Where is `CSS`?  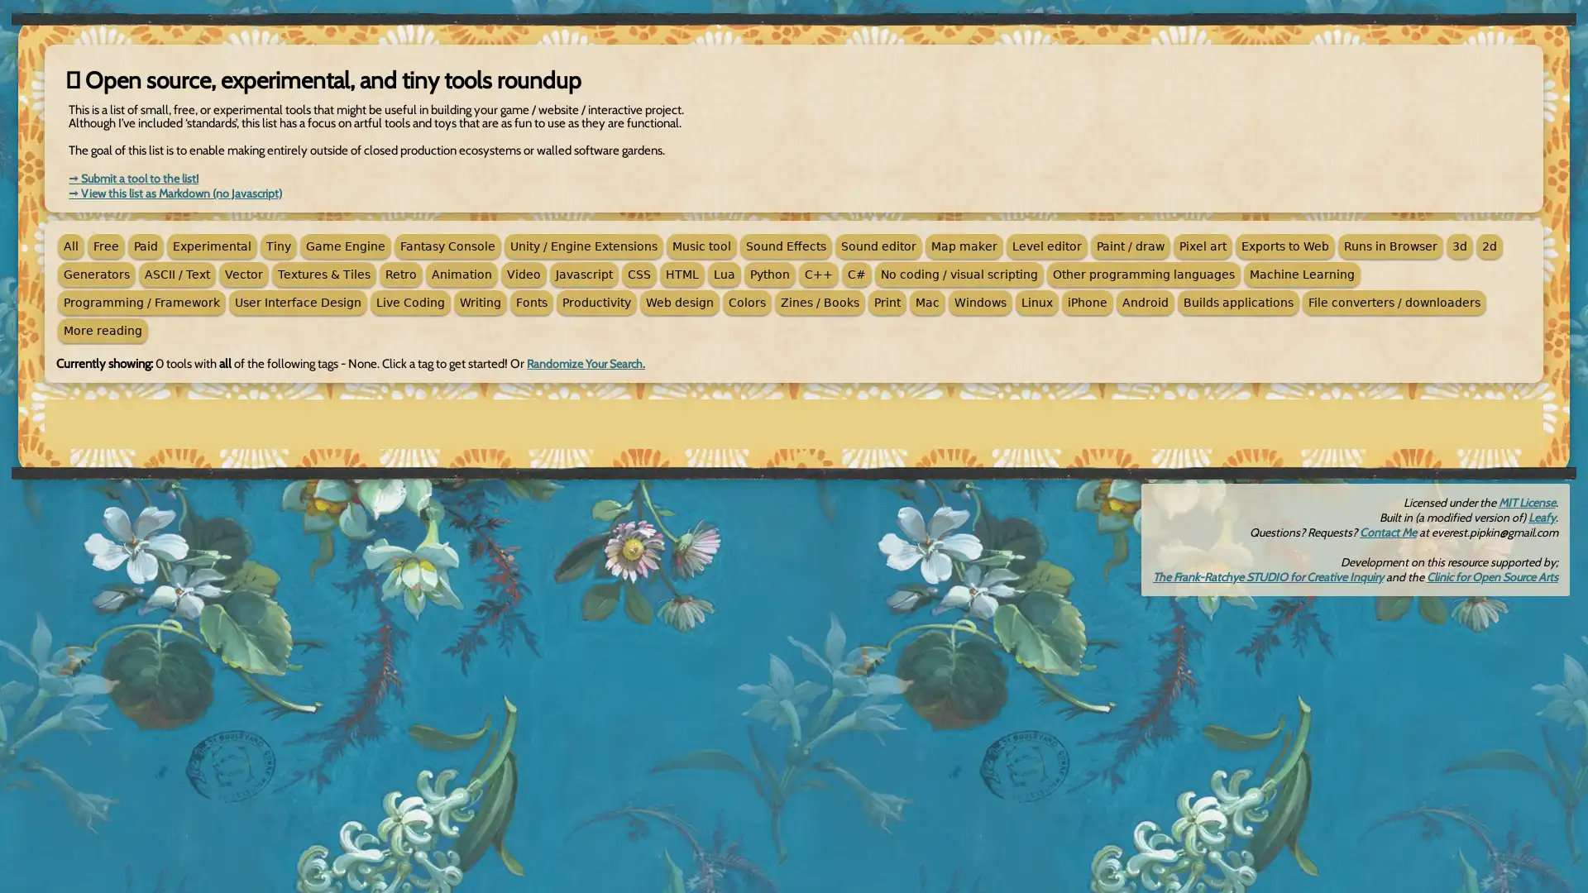
CSS is located at coordinates (638, 273).